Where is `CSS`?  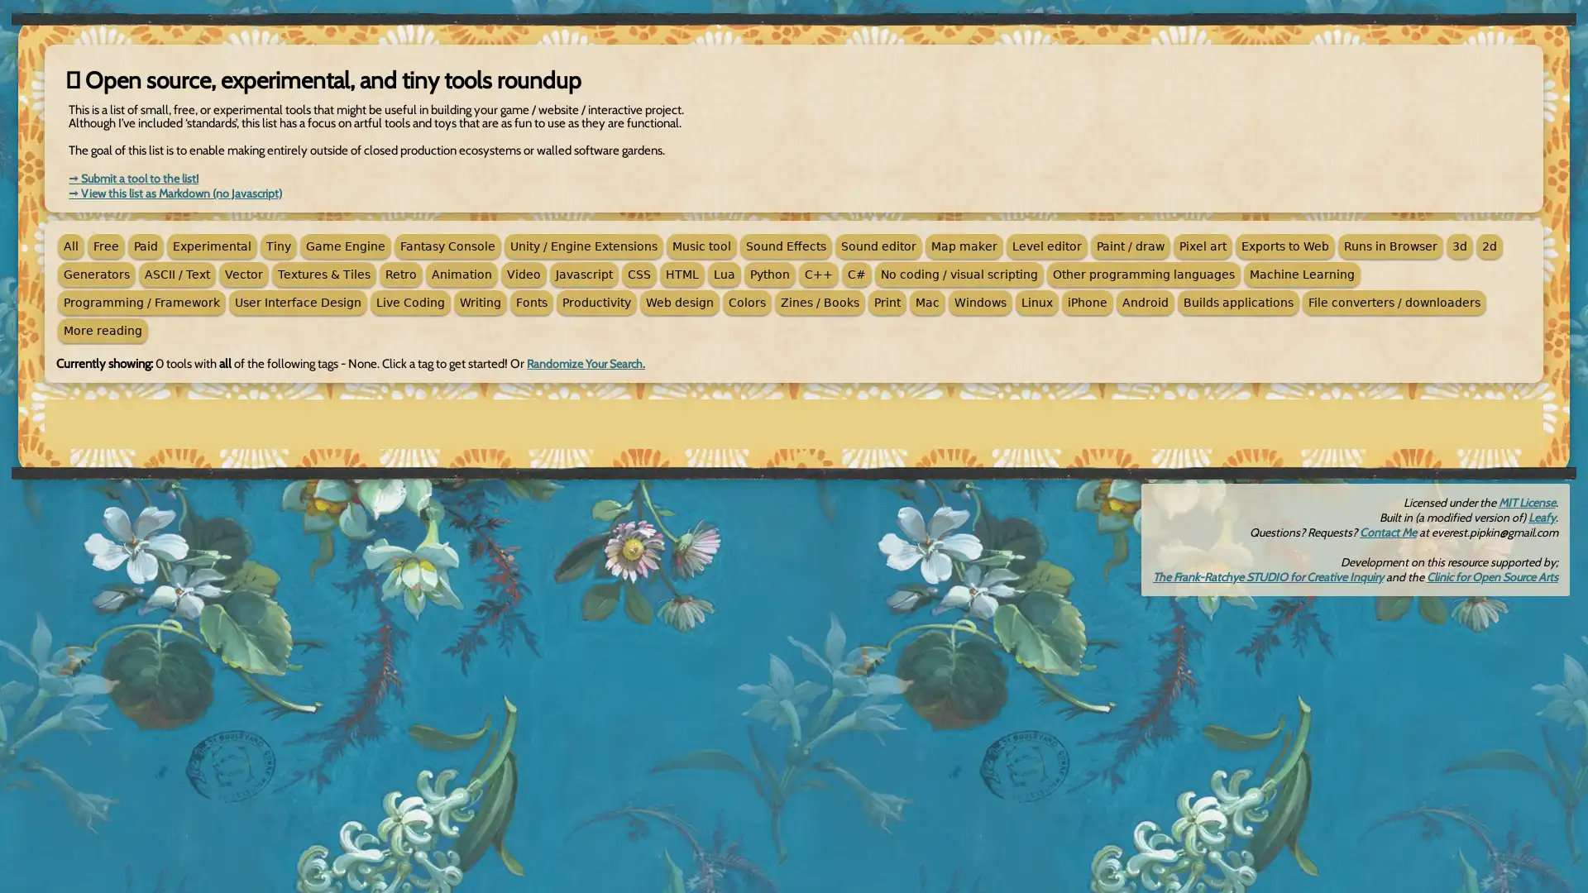
CSS is located at coordinates (638, 273).